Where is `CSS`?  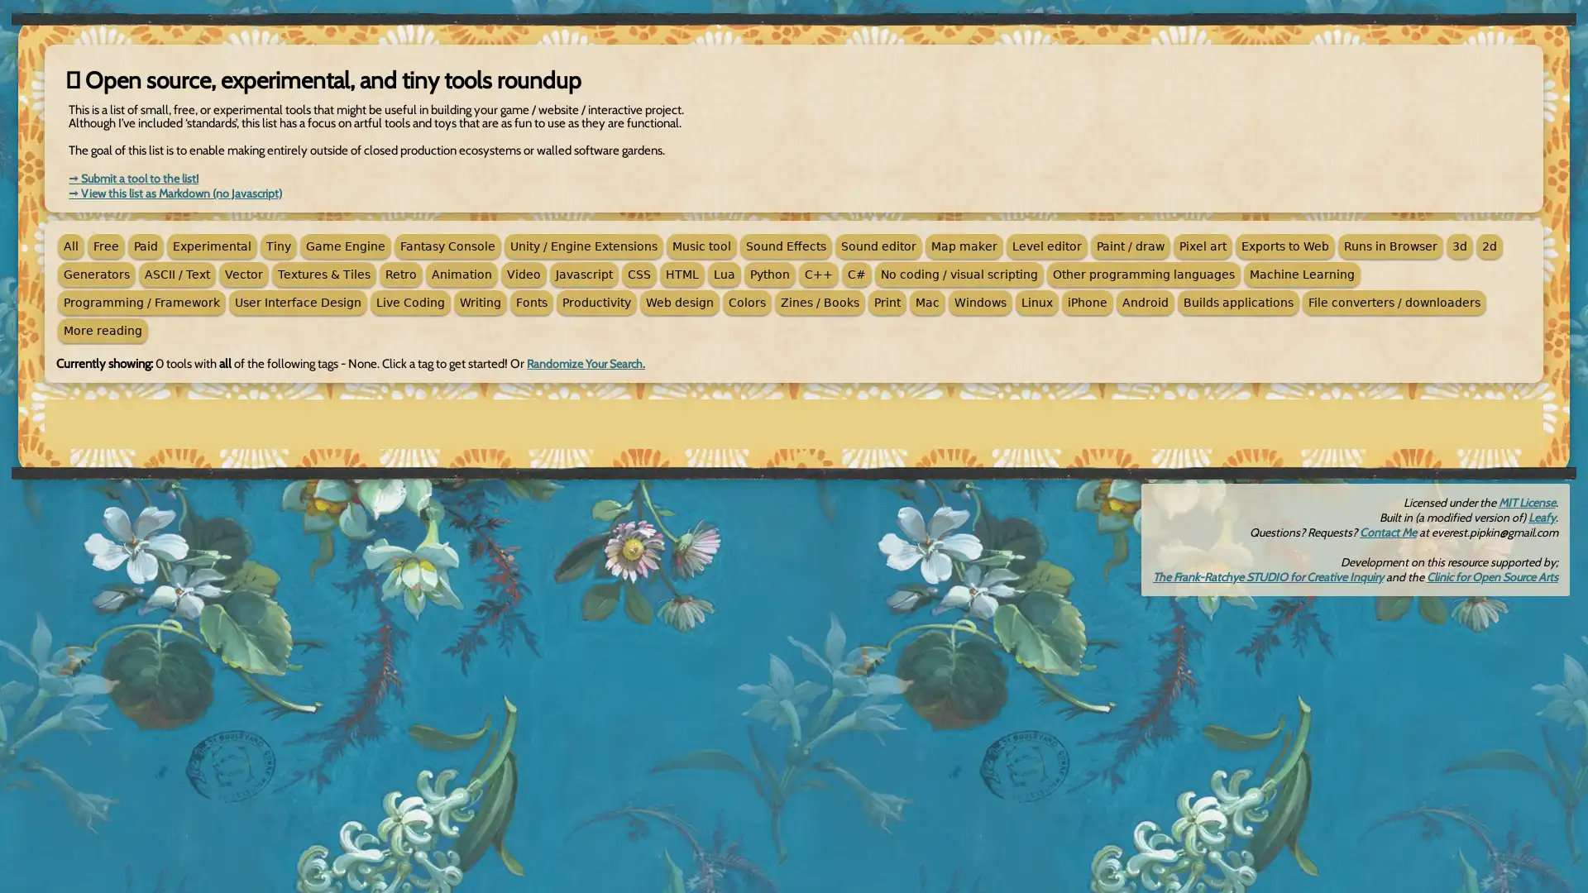
CSS is located at coordinates (638, 273).